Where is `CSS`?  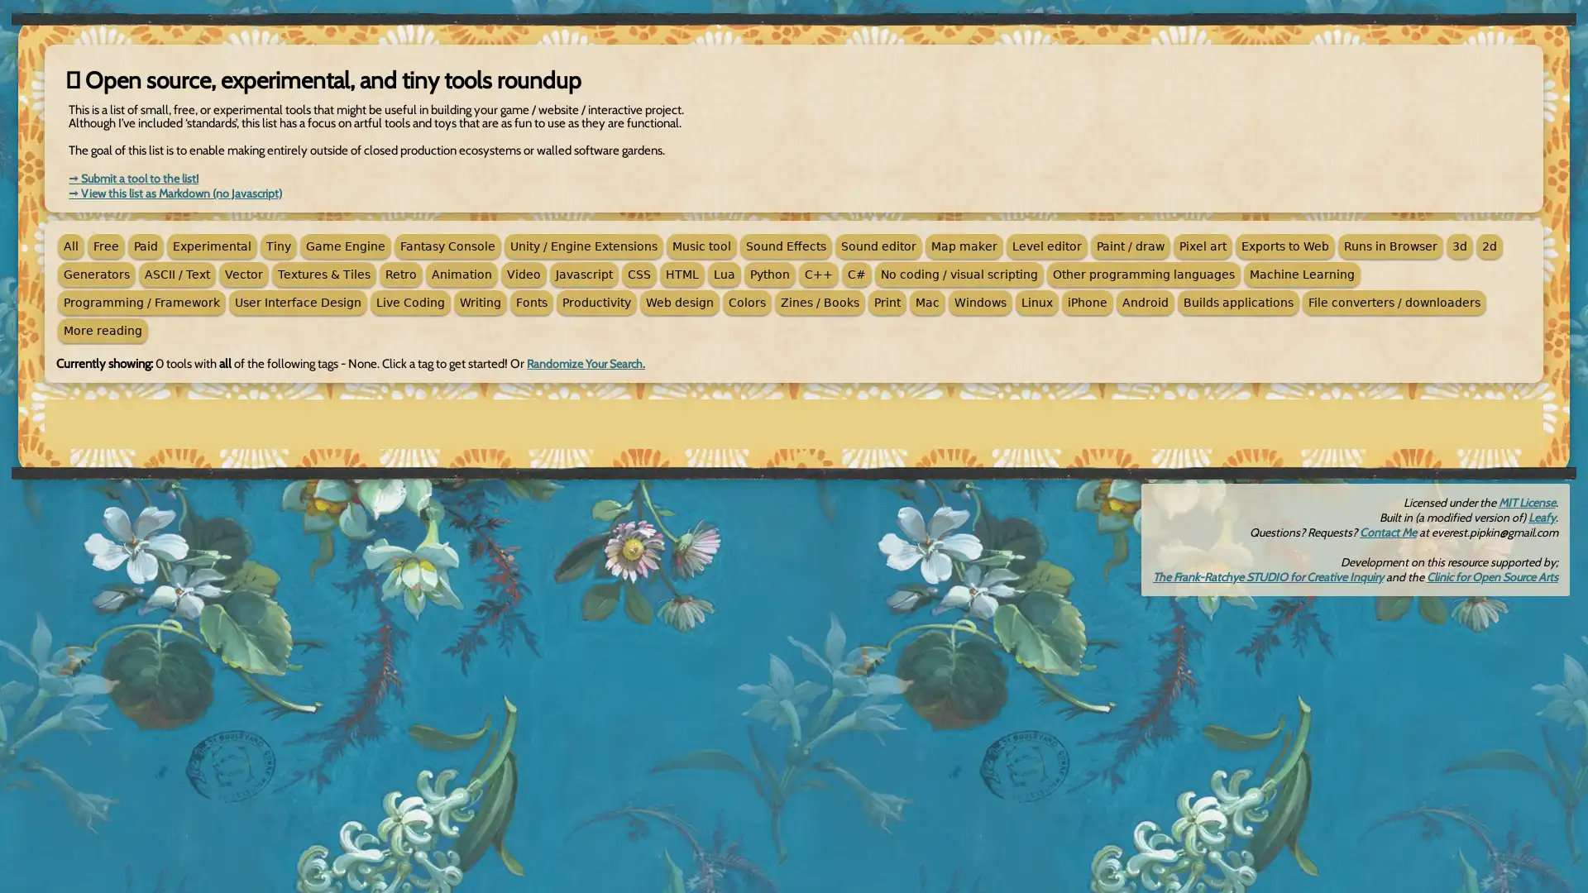
CSS is located at coordinates (638, 273).